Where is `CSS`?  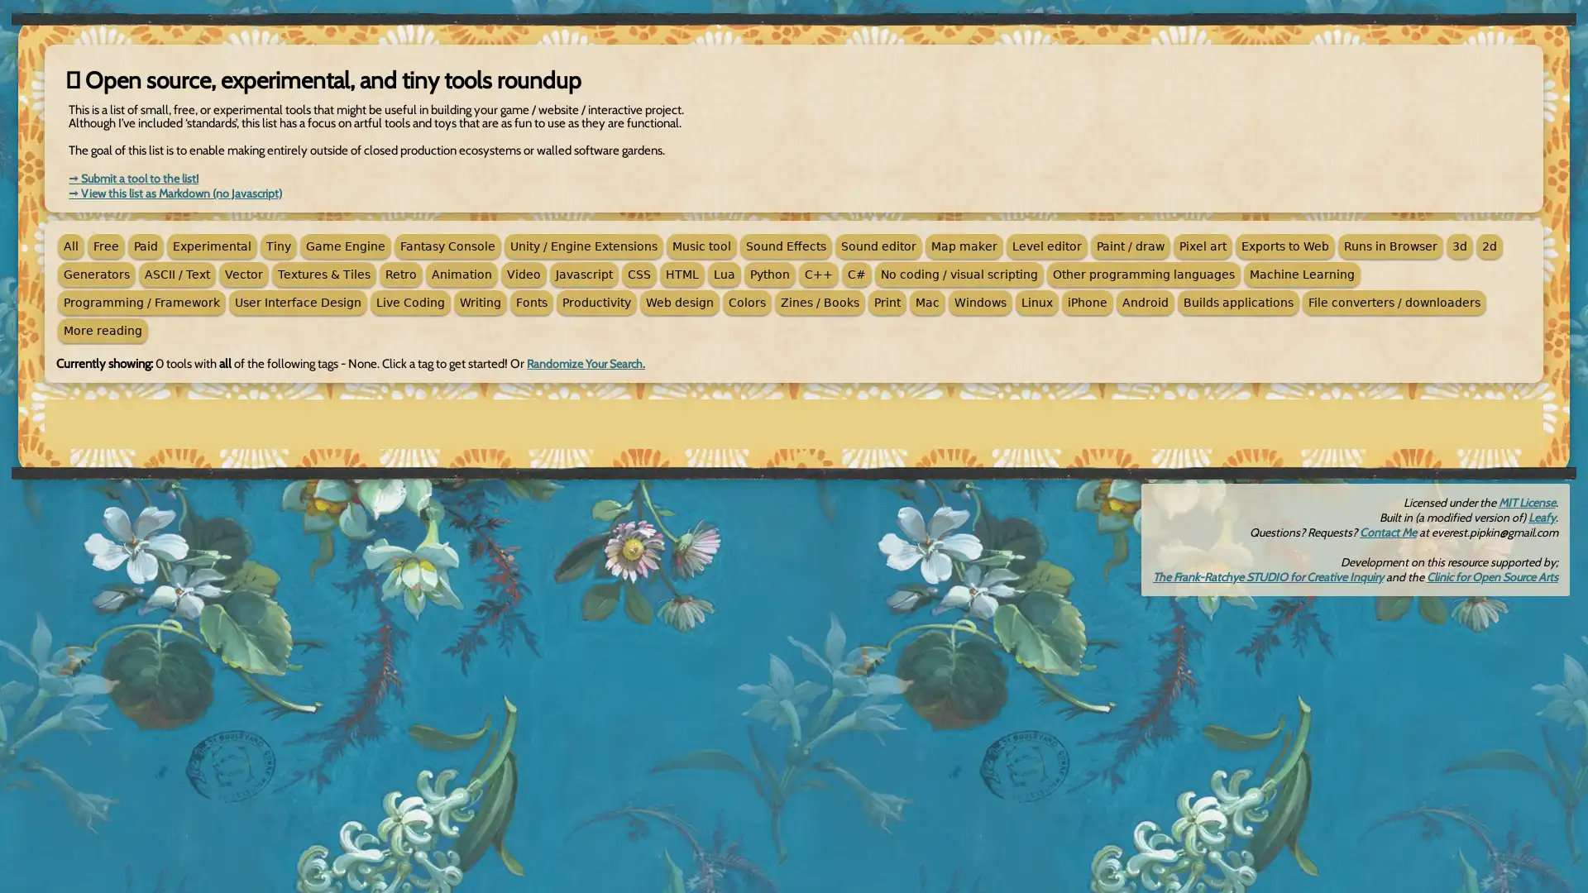
CSS is located at coordinates (638, 273).